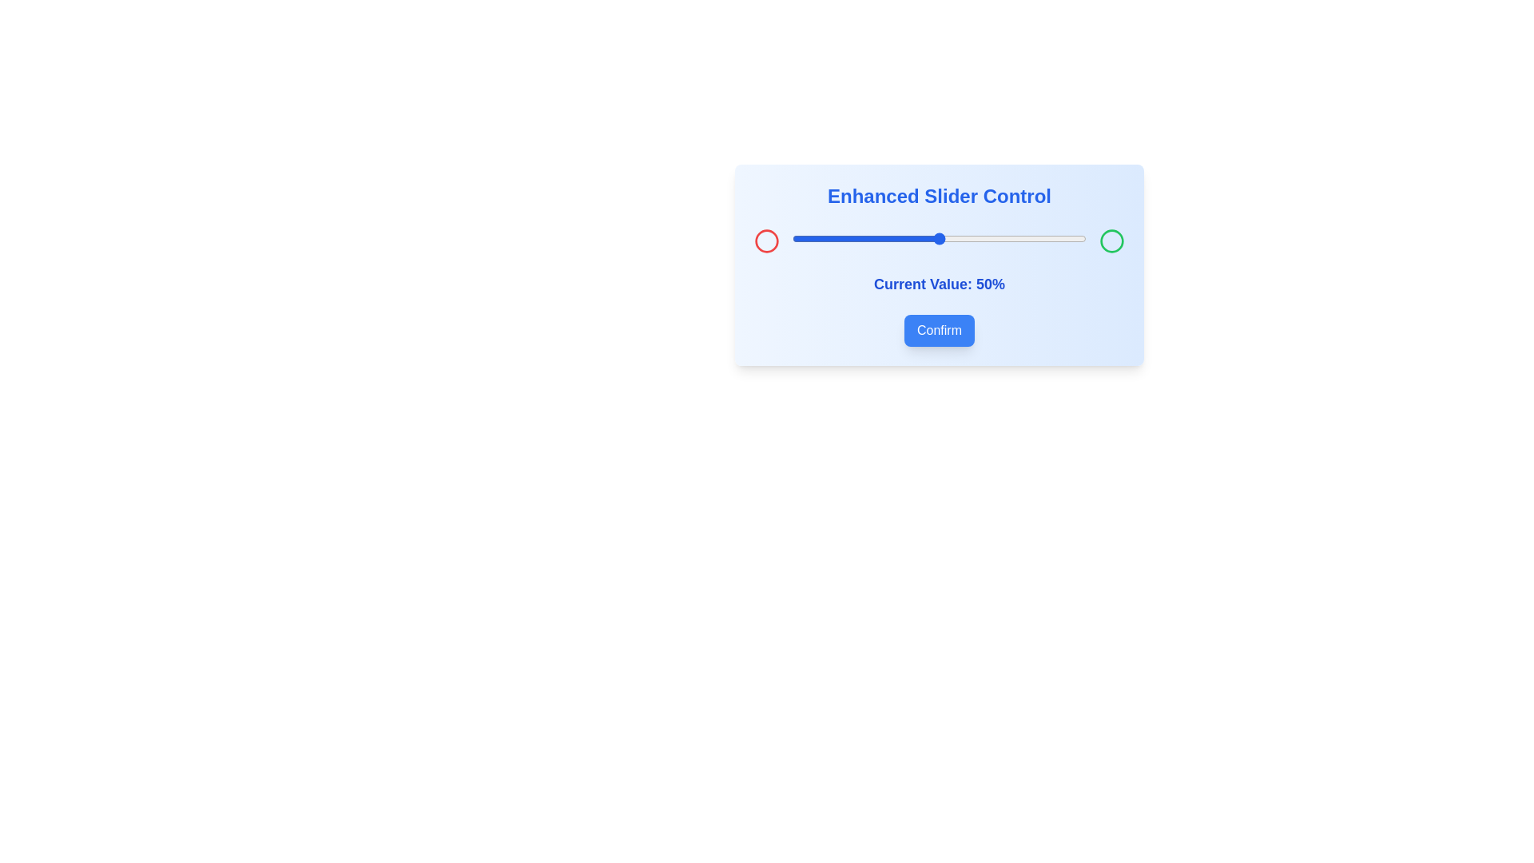 The image size is (1534, 863). What do you see at coordinates (895, 239) in the screenshot?
I see `the slider` at bounding box center [895, 239].